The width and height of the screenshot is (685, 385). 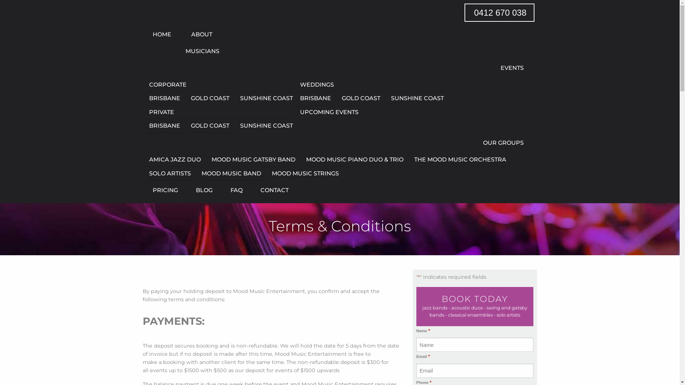 What do you see at coordinates (204, 190) in the screenshot?
I see `'BLOG'` at bounding box center [204, 190].